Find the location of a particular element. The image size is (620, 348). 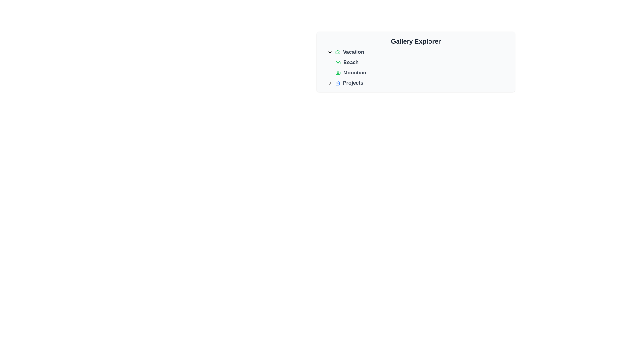

the downward-pointing chevron icon toggle button next to the 'Vacation' label in the 'Gallery Explorer' interface is located at coordinates (330, 52).